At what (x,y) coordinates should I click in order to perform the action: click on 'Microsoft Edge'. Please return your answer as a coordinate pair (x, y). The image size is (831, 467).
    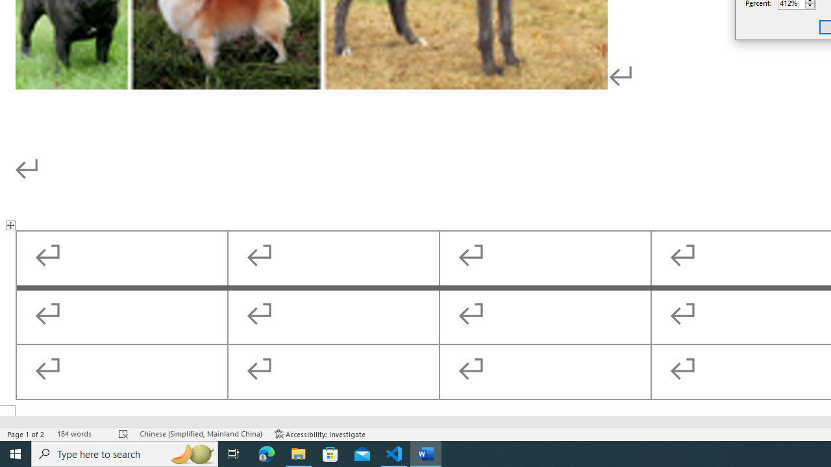
    Looking at the image, I should click on (266, 453).